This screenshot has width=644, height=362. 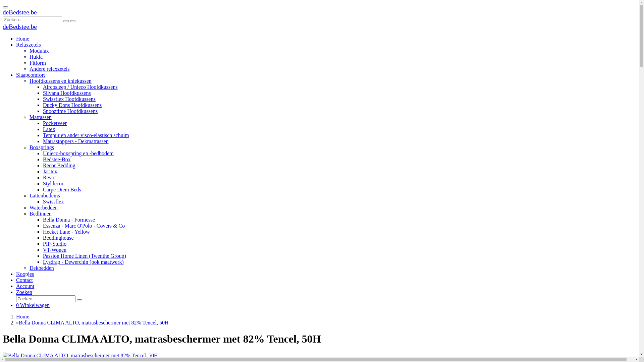 What do you see at coordinates (86, 135) in the screenshot?
I see `'Tempur en ander visco-elastisch schuim'` at bounding box center [86, 135].